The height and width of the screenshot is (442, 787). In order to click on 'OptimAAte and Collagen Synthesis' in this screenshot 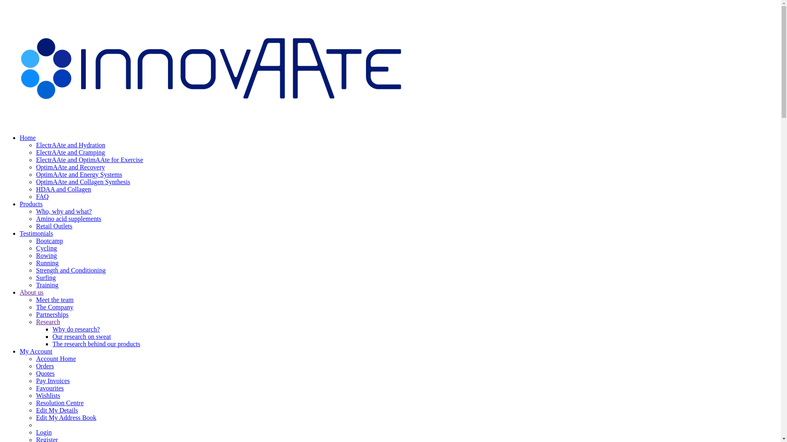, I will do `click(35, 181)`.